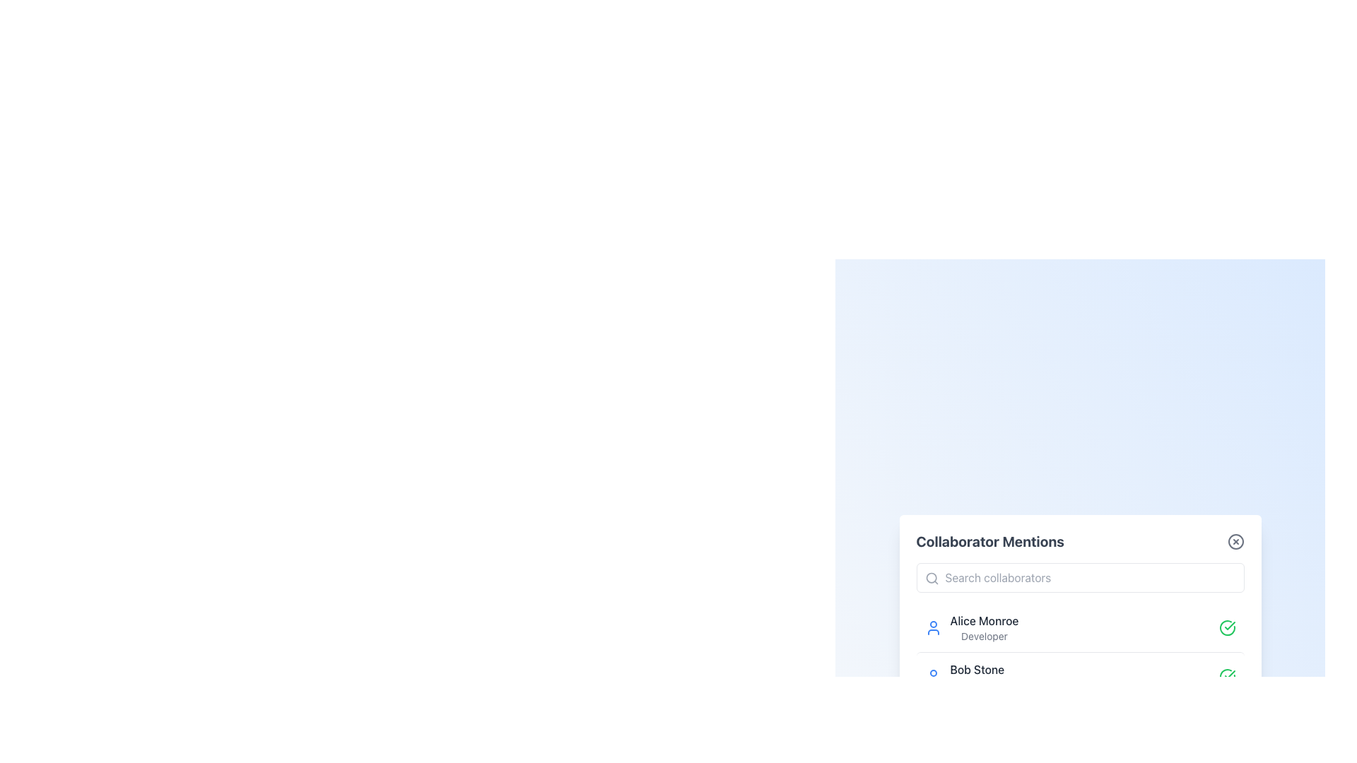  I want to click on the text label representing the user 'Bob Stone' in the collaborator list, which is located in the lower section of the 'Collaborator Mentions' area, directly below 'Alice Monroe', so click(976, 669).